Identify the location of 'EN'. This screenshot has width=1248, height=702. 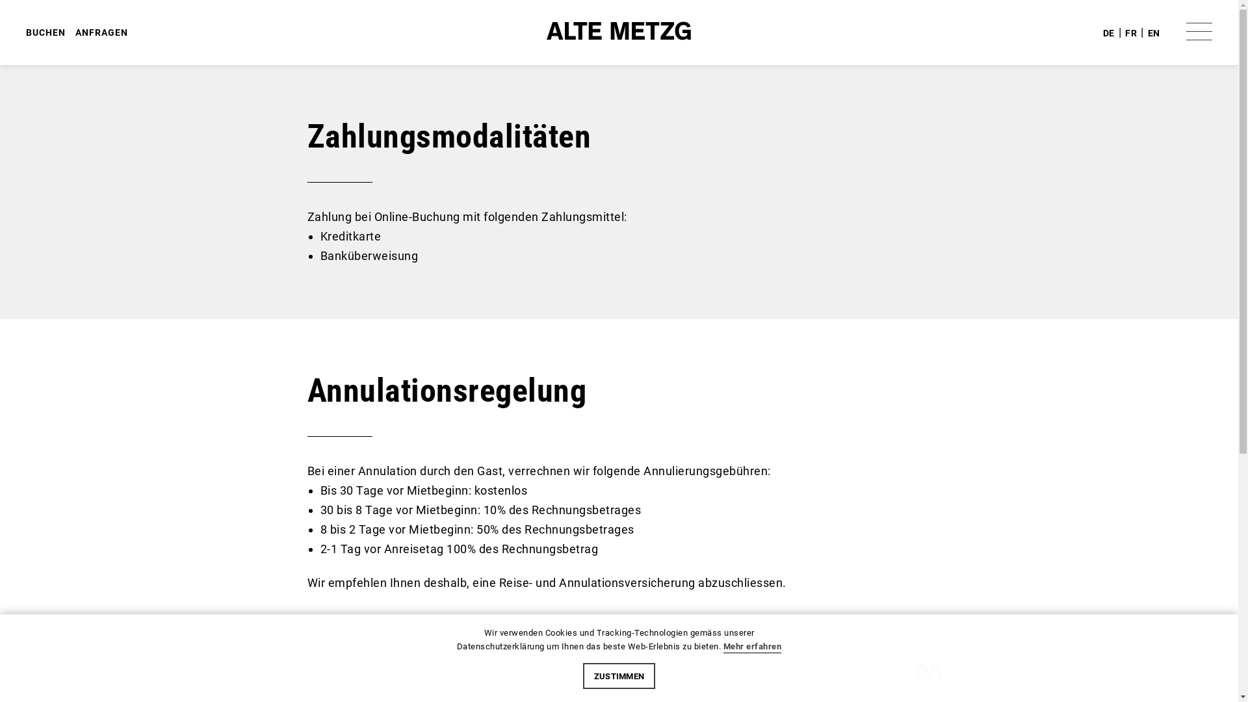
(1154, 32).